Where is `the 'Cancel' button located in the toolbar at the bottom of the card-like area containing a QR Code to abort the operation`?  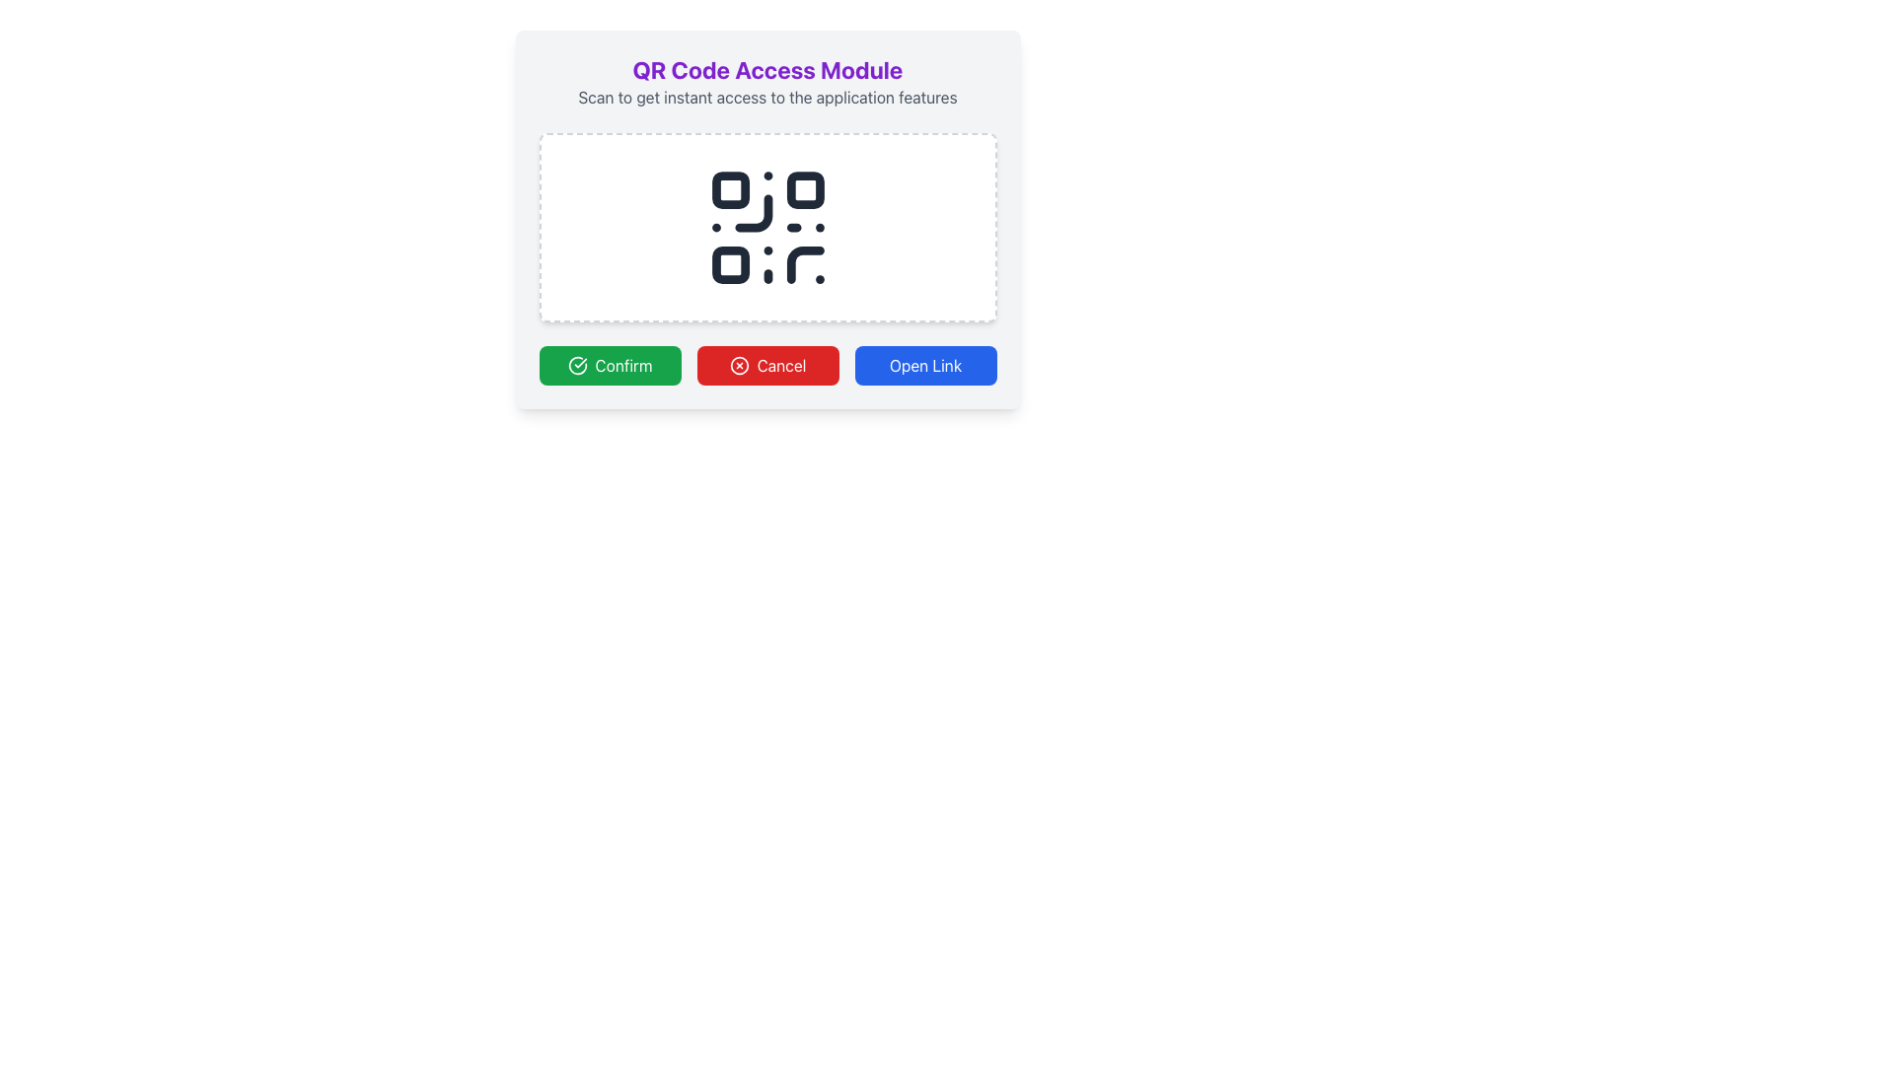
the 'Cancel' button located in the toolbar at the bottom of the card-like area containing a QR Code to abort the operation is located at coordinates (766, 365).